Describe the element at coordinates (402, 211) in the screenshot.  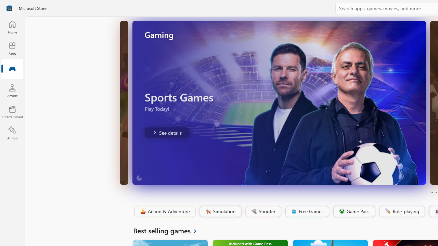
I see `'Role-playing'` at that location.